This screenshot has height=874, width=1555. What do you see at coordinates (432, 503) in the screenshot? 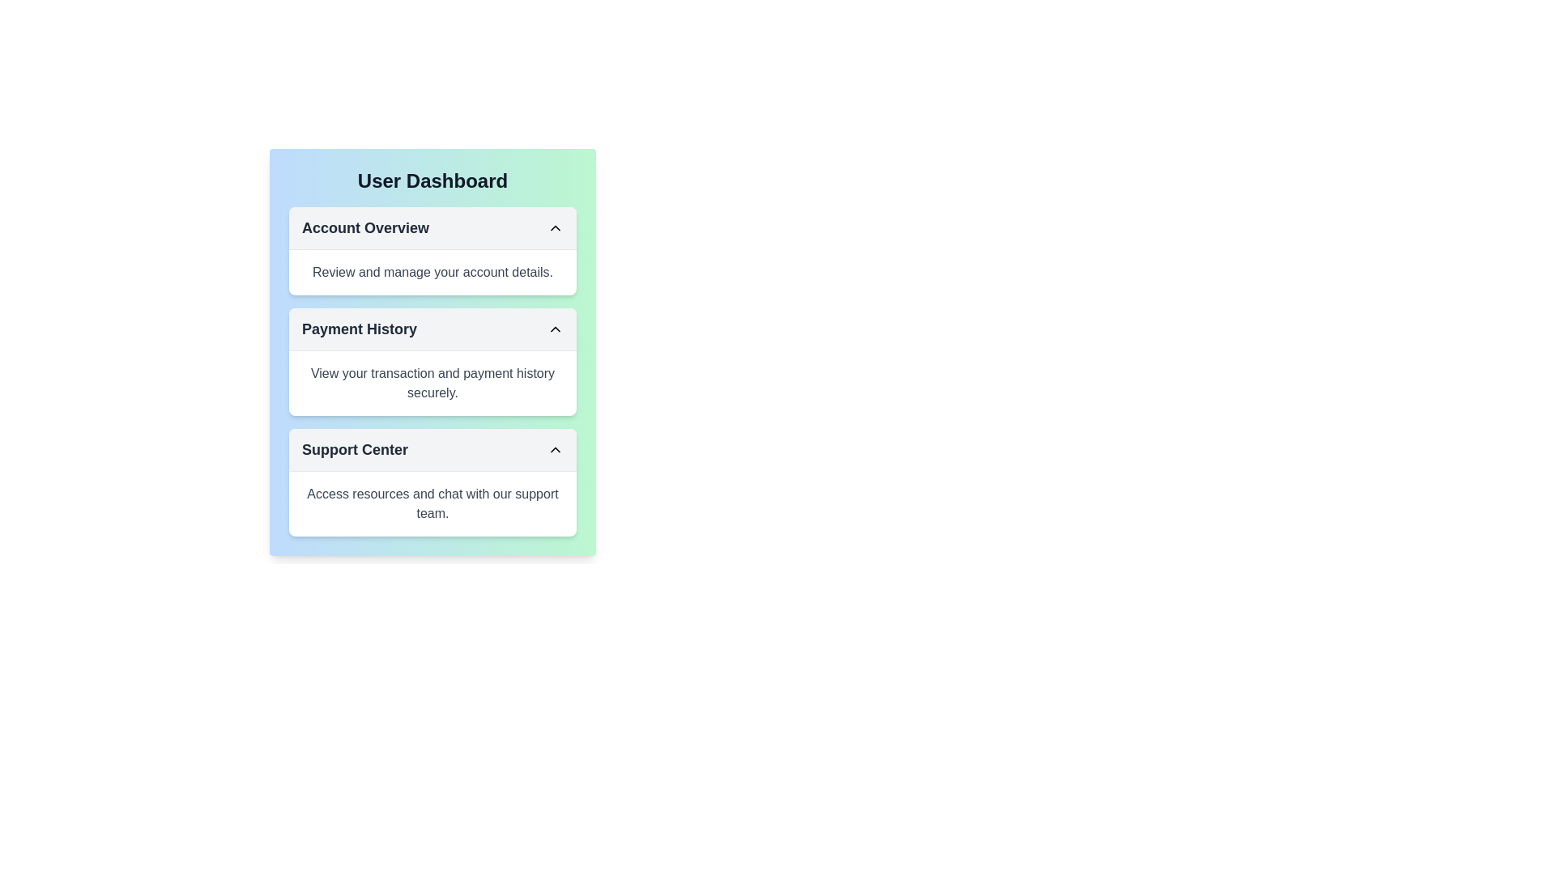
I see `the static text element that displays 'Access resources and chat with our support team.' located in the 'Support Center' section of the User Dashboard` at bounding box center [432, 503].